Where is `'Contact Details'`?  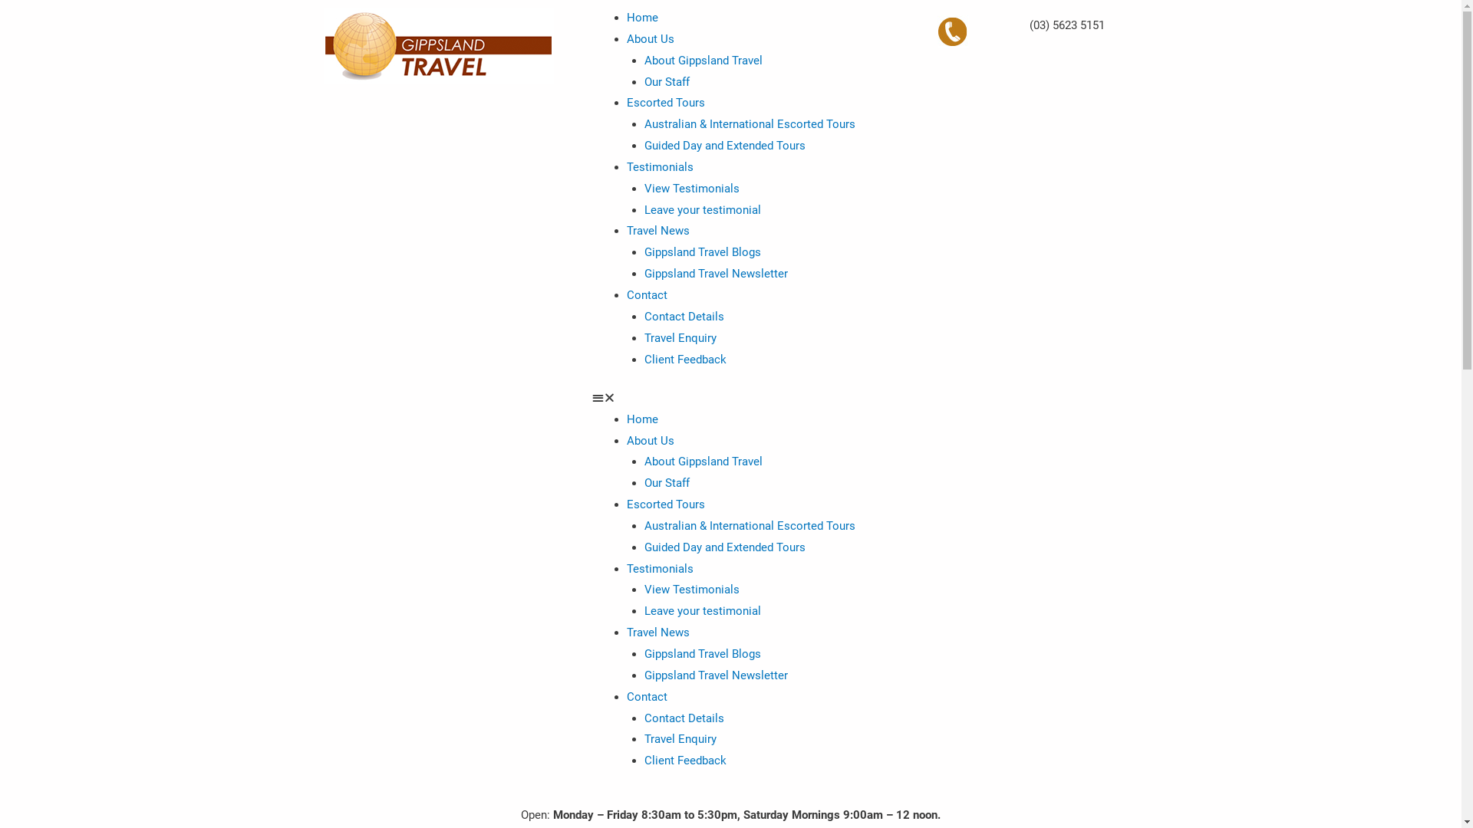
'Contact Details' is located at coordinates (684, 315).